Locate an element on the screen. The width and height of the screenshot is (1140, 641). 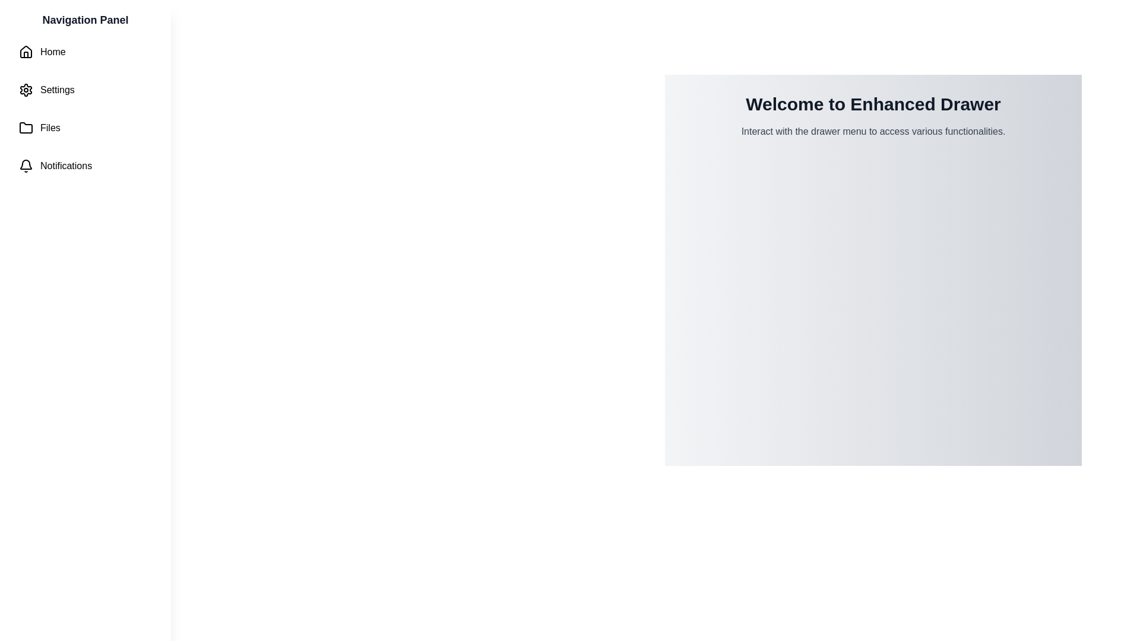
the 'Settings' text label in the left-hand navigation panel is located at coordinates (56, 89).